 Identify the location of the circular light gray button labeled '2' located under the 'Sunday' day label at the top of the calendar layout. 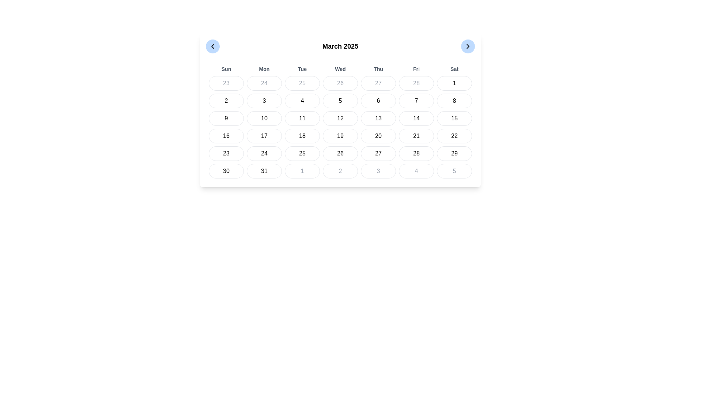
(226, 101).